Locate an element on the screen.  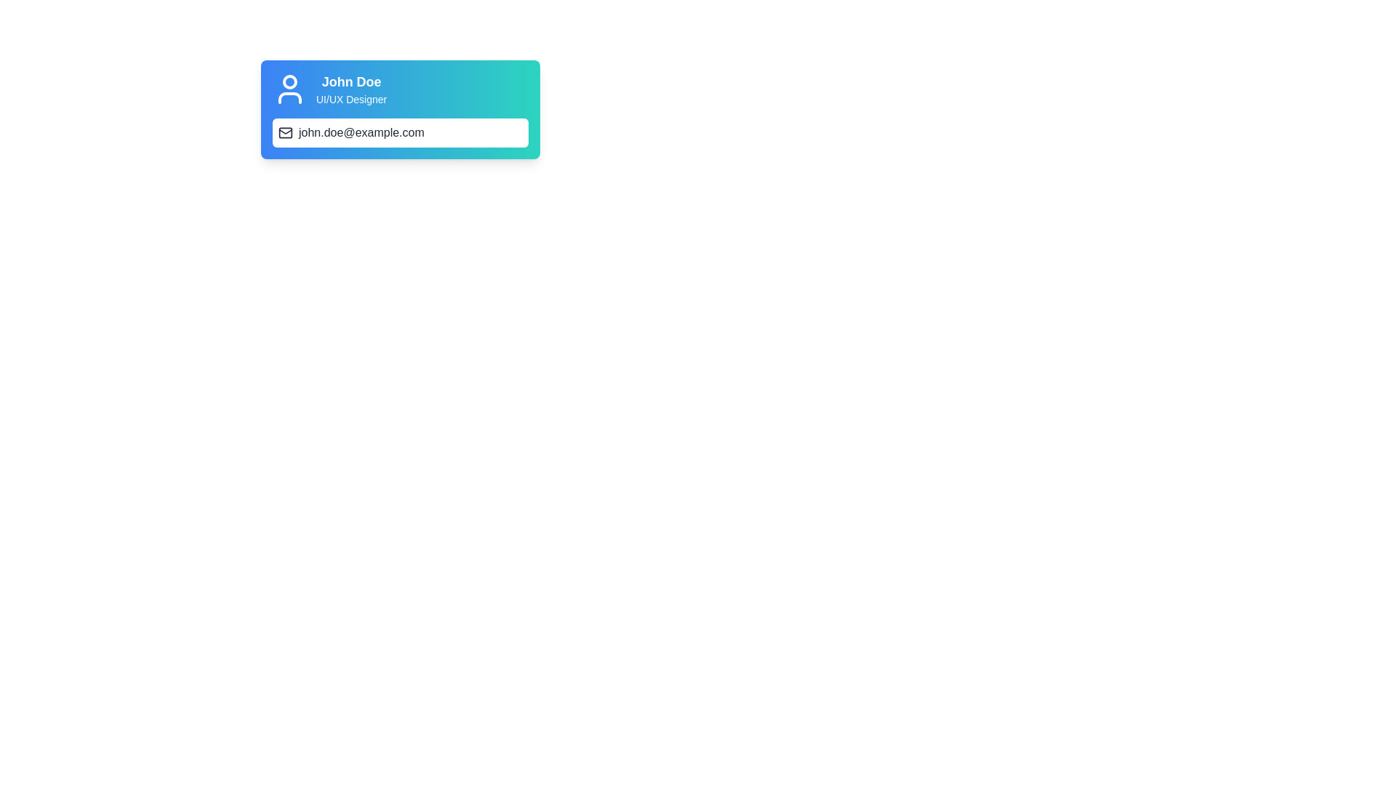
the email address text element located near the bottom right of the user details section, below the name 'John Doe' and title 'UI/UX Designer' is located at coordinates (401, 132).